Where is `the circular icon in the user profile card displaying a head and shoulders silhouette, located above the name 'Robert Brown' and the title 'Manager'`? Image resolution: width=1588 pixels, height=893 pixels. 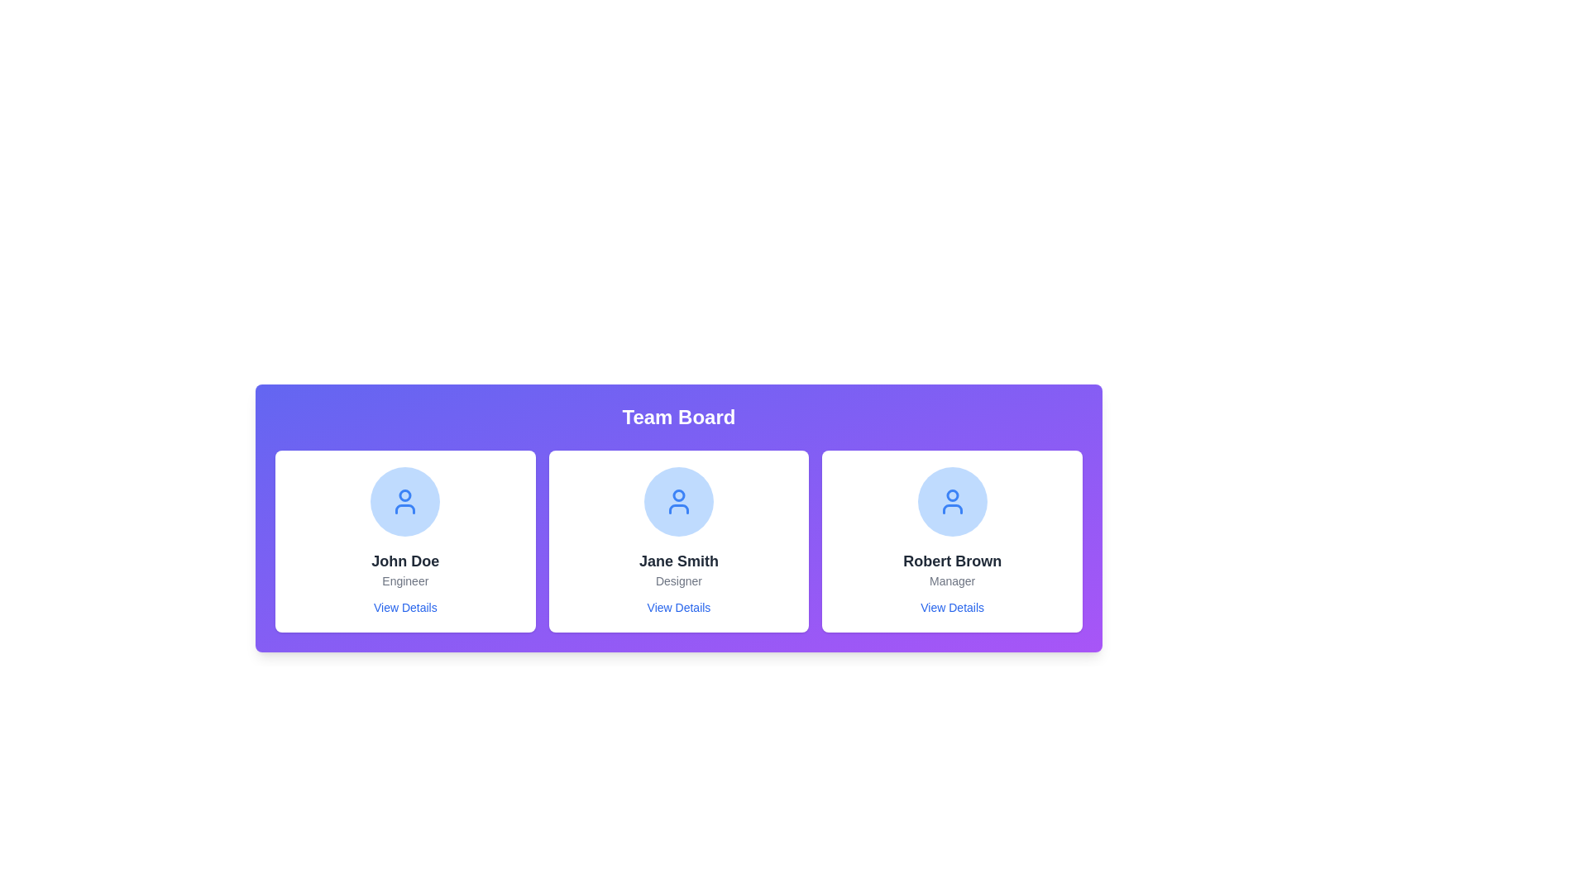
the circular icon in the user profile card displaying a head and shoulders silhouette, located above the name 'Robert Brown' and the title 'Manager' is located at coordinates (952, 494).